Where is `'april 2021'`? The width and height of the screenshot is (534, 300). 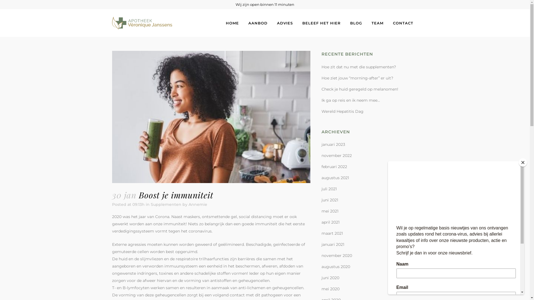 'april 2021' is located at coordinates (330, 222).